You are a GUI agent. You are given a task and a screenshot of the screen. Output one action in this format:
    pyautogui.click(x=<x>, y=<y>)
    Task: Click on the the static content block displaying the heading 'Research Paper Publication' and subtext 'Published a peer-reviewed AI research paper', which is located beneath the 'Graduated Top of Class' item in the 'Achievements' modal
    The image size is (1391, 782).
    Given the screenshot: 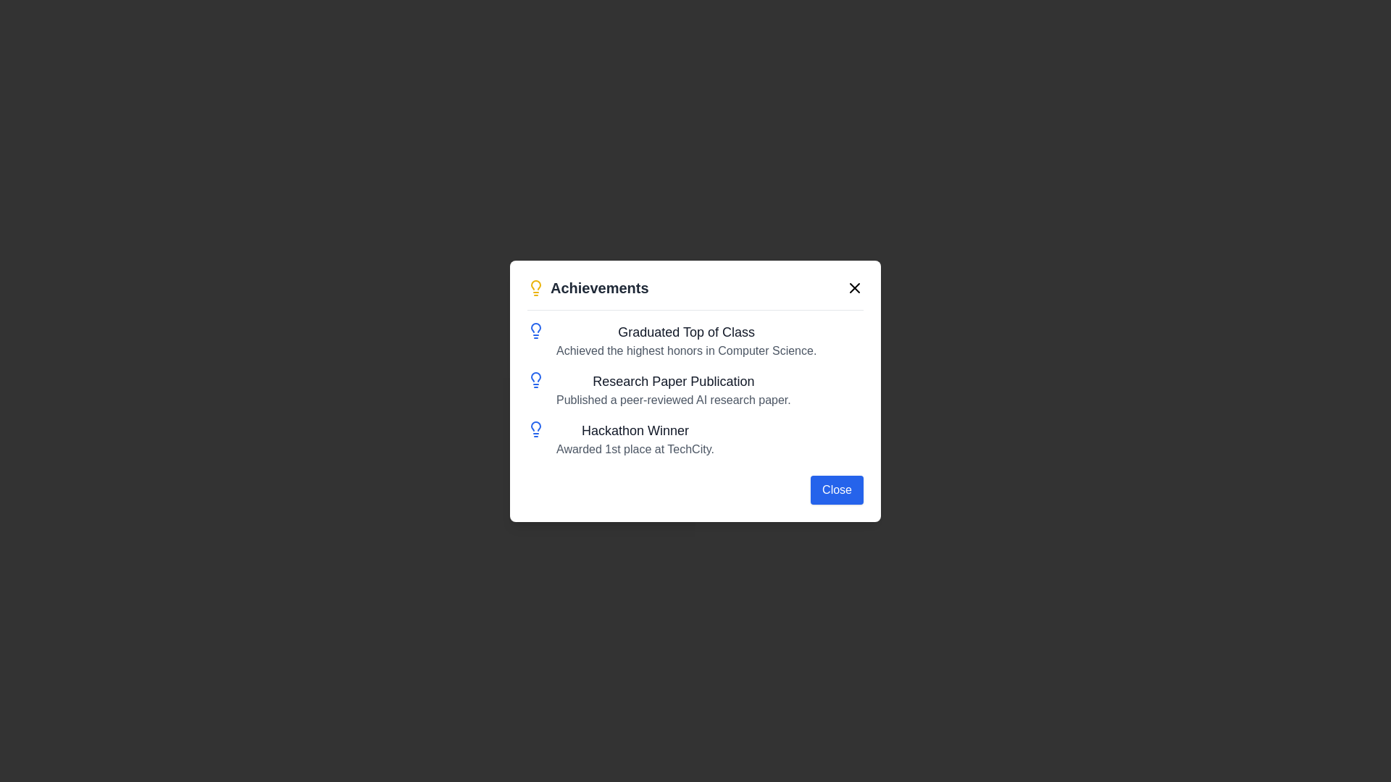 What is the action you would take?
    pyautogui.click(x=695, y=388)
    